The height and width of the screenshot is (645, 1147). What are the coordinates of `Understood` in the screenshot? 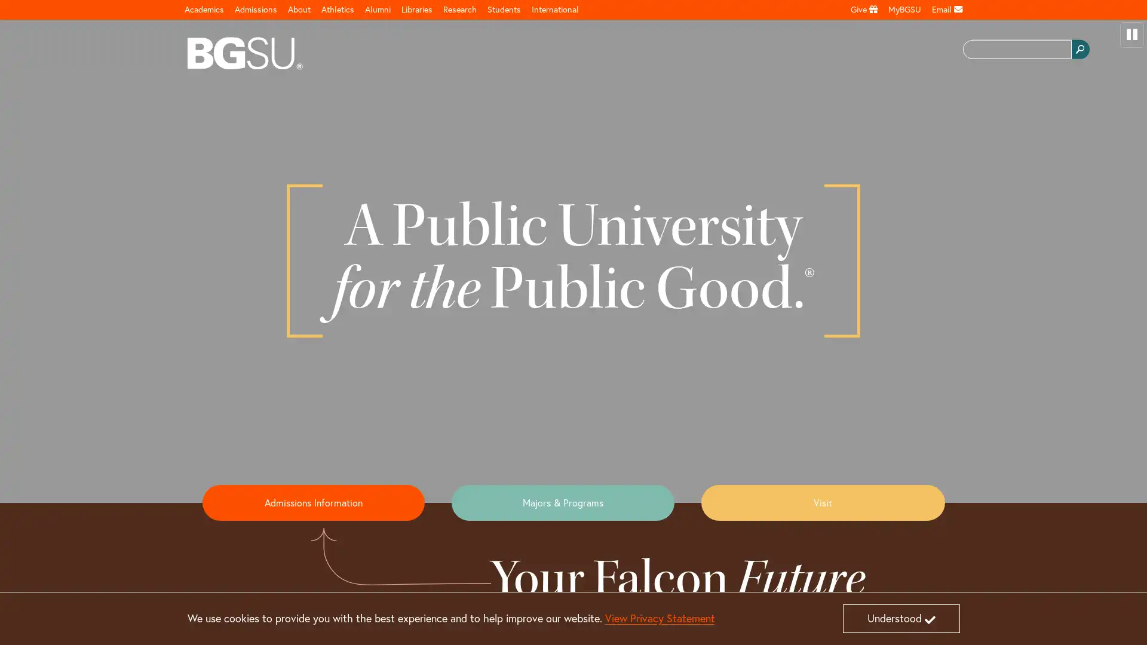 It's located at (900, 618).